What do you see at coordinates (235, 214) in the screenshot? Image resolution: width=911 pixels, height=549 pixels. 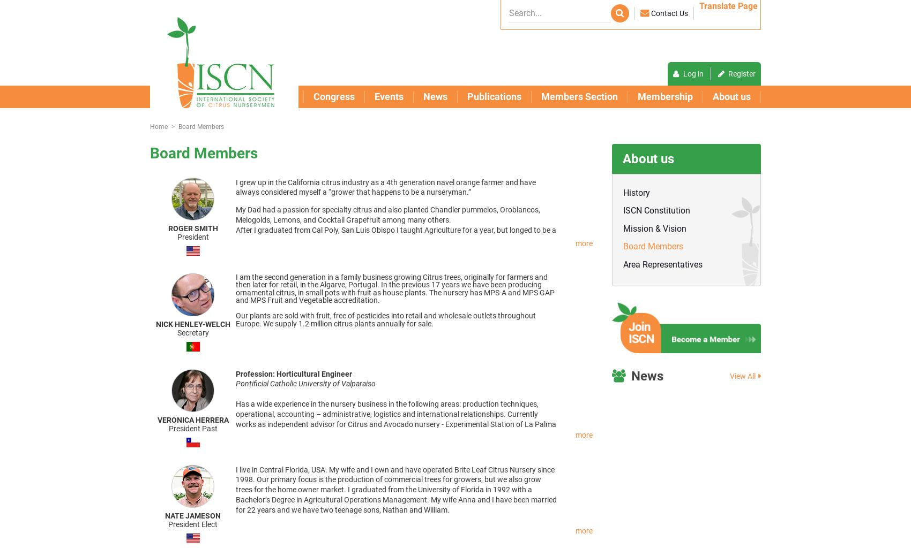 I see `'My Dad had a passion for specialty citrus and also planted Chandler pummelos, Oroblancos, Melogolds, Lemons, and Cocktail Grapefruit among many others.'` at bounding box center [235, 214].